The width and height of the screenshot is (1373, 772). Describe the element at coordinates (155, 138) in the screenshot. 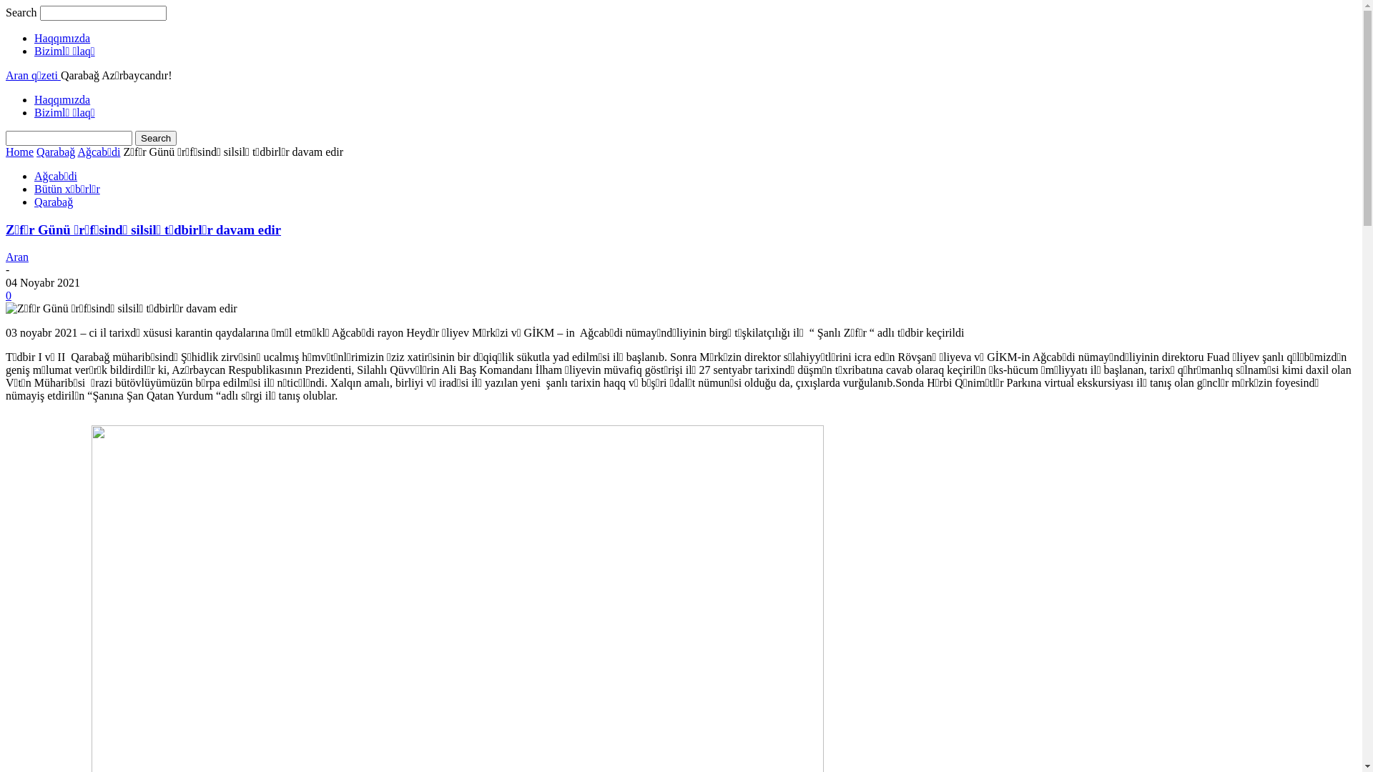

I see `'Search'` at that location.